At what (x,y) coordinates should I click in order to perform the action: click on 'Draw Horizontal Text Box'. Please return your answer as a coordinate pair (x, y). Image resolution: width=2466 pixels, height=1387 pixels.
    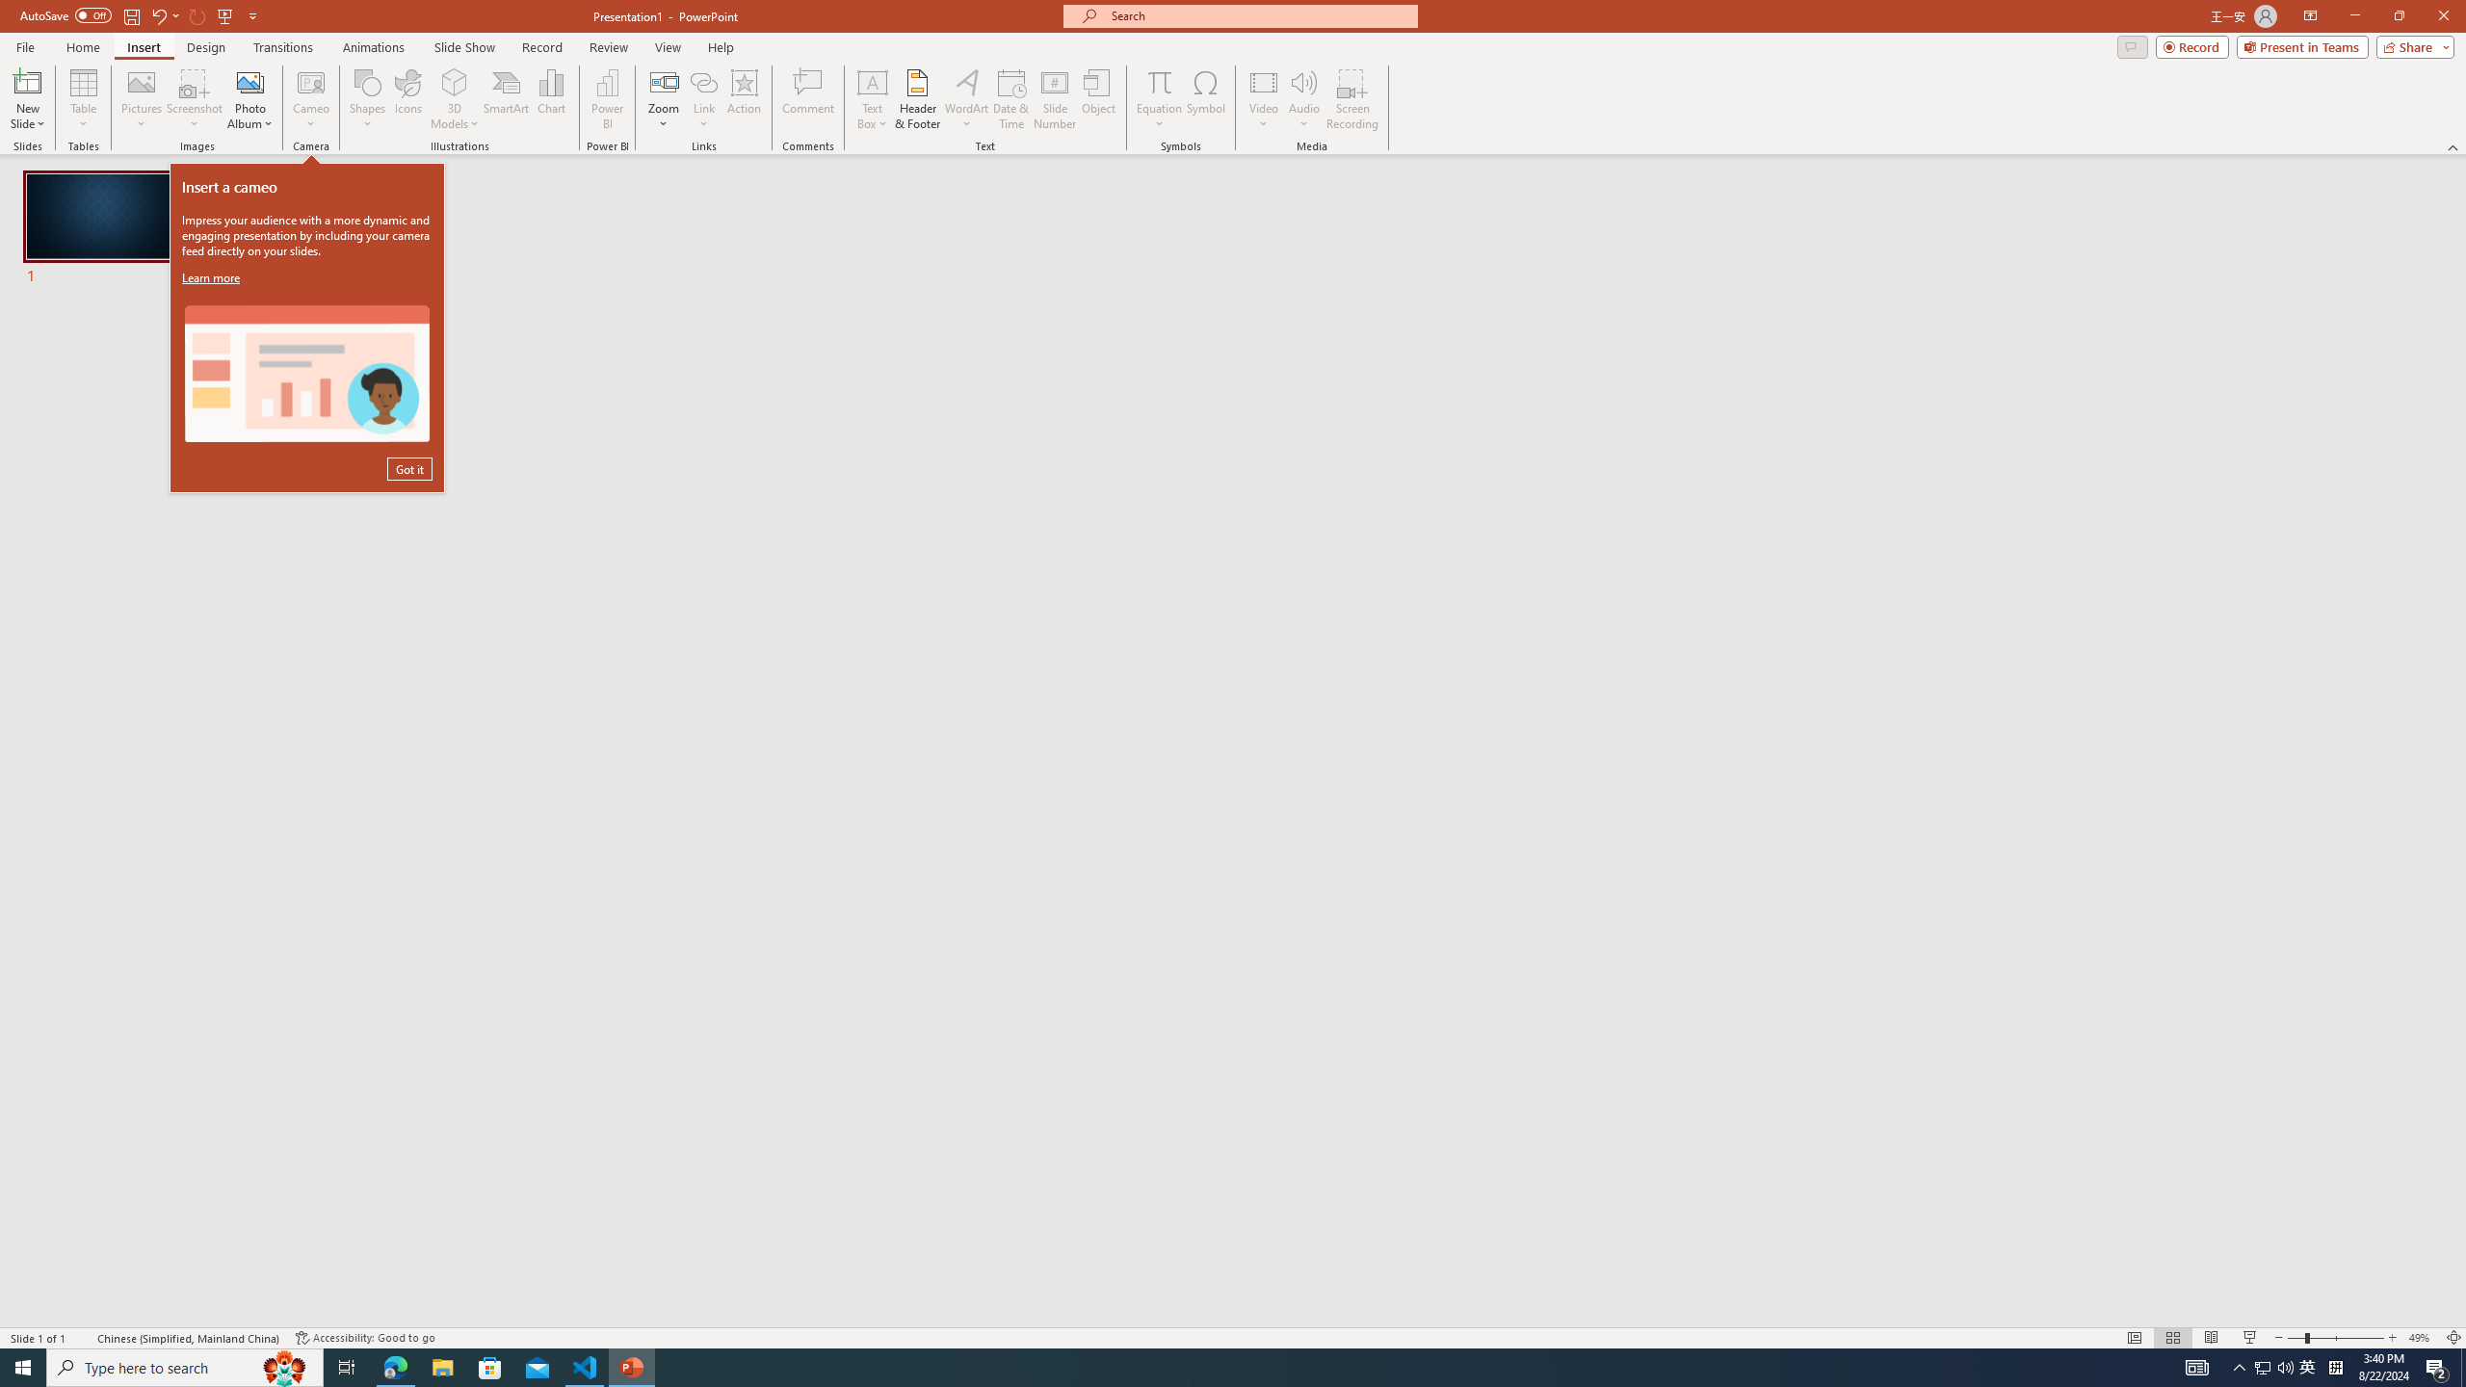
    Looking at the image, I should click on (872, 81).